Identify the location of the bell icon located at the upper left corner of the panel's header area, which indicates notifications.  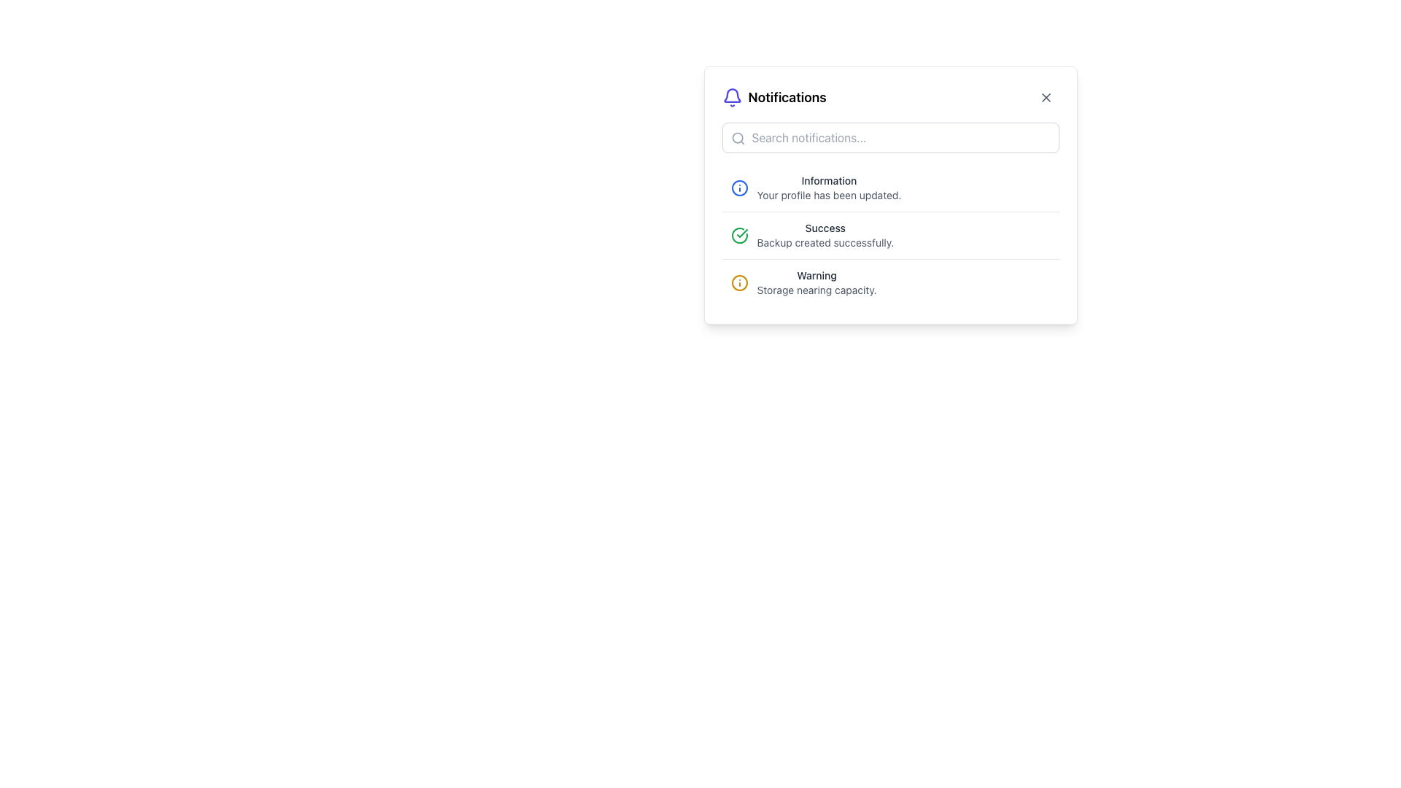
(732, 98).